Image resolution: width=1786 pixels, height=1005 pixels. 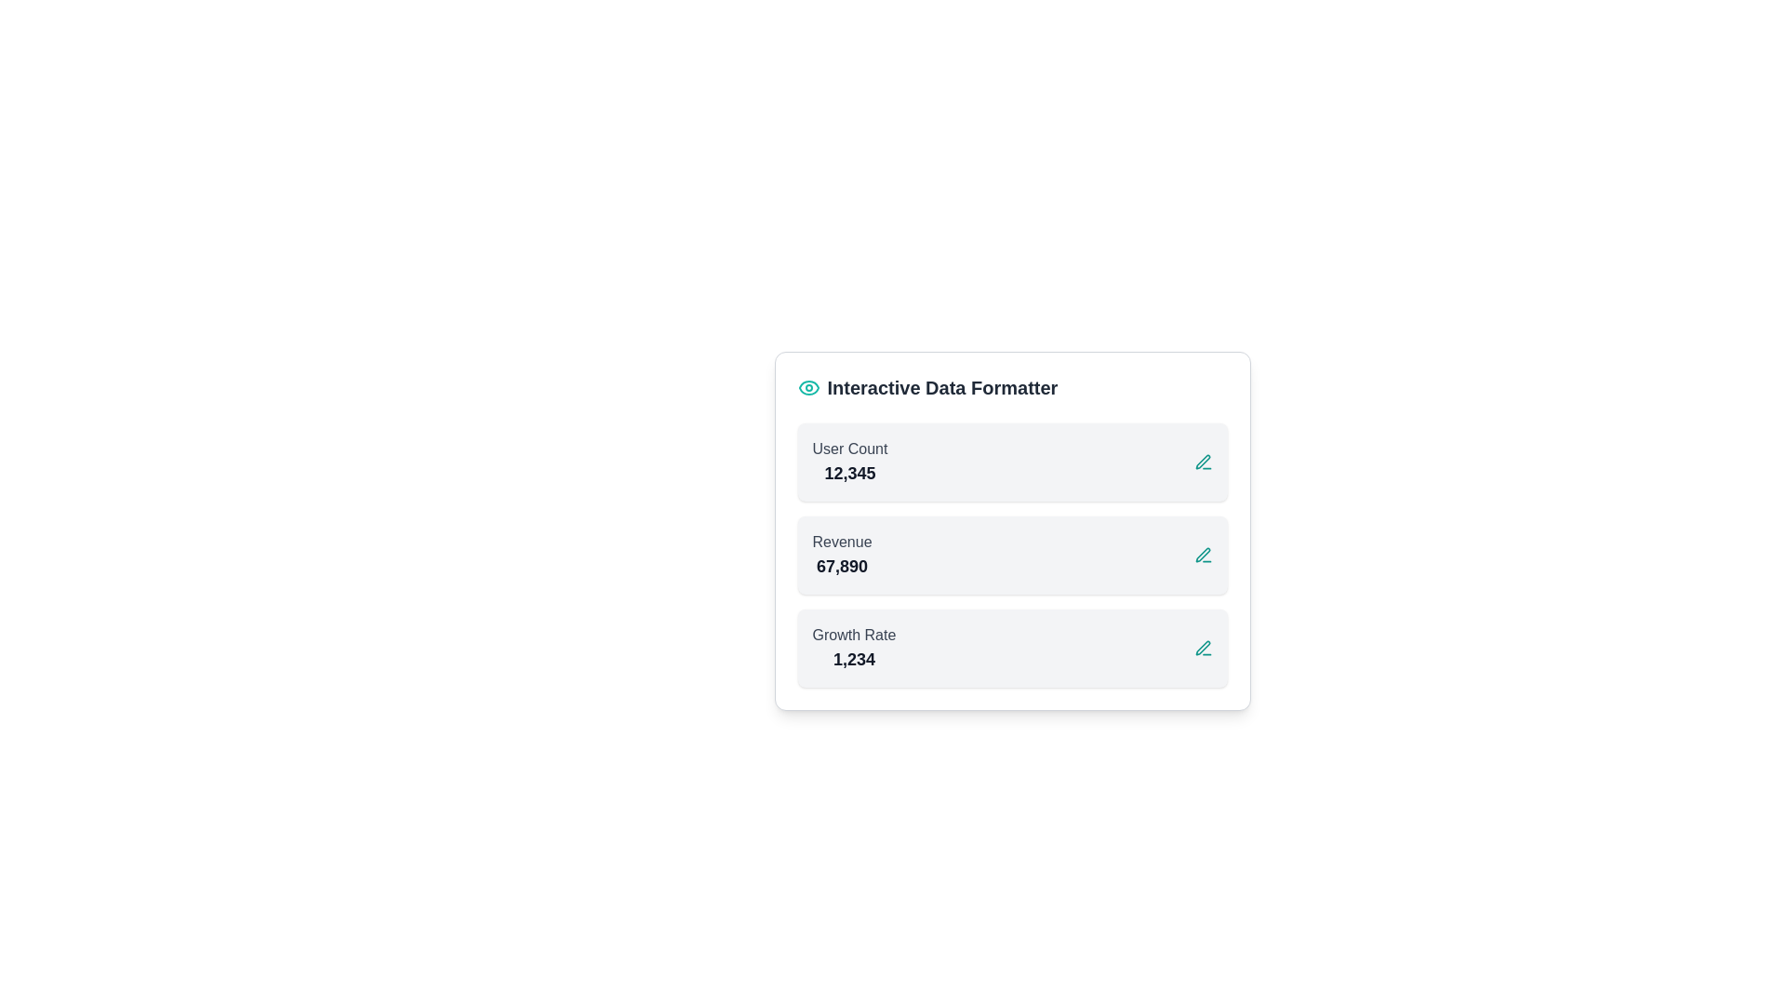 What do you see at coordinates (848, 449) in the screenshot?
I see `the 'User Count' text label, which is styled in medium gray font and positioned above the numerical value '12,345' within the card labeled 'Interactive Data Formatter'` at bounding box center [848, 449].